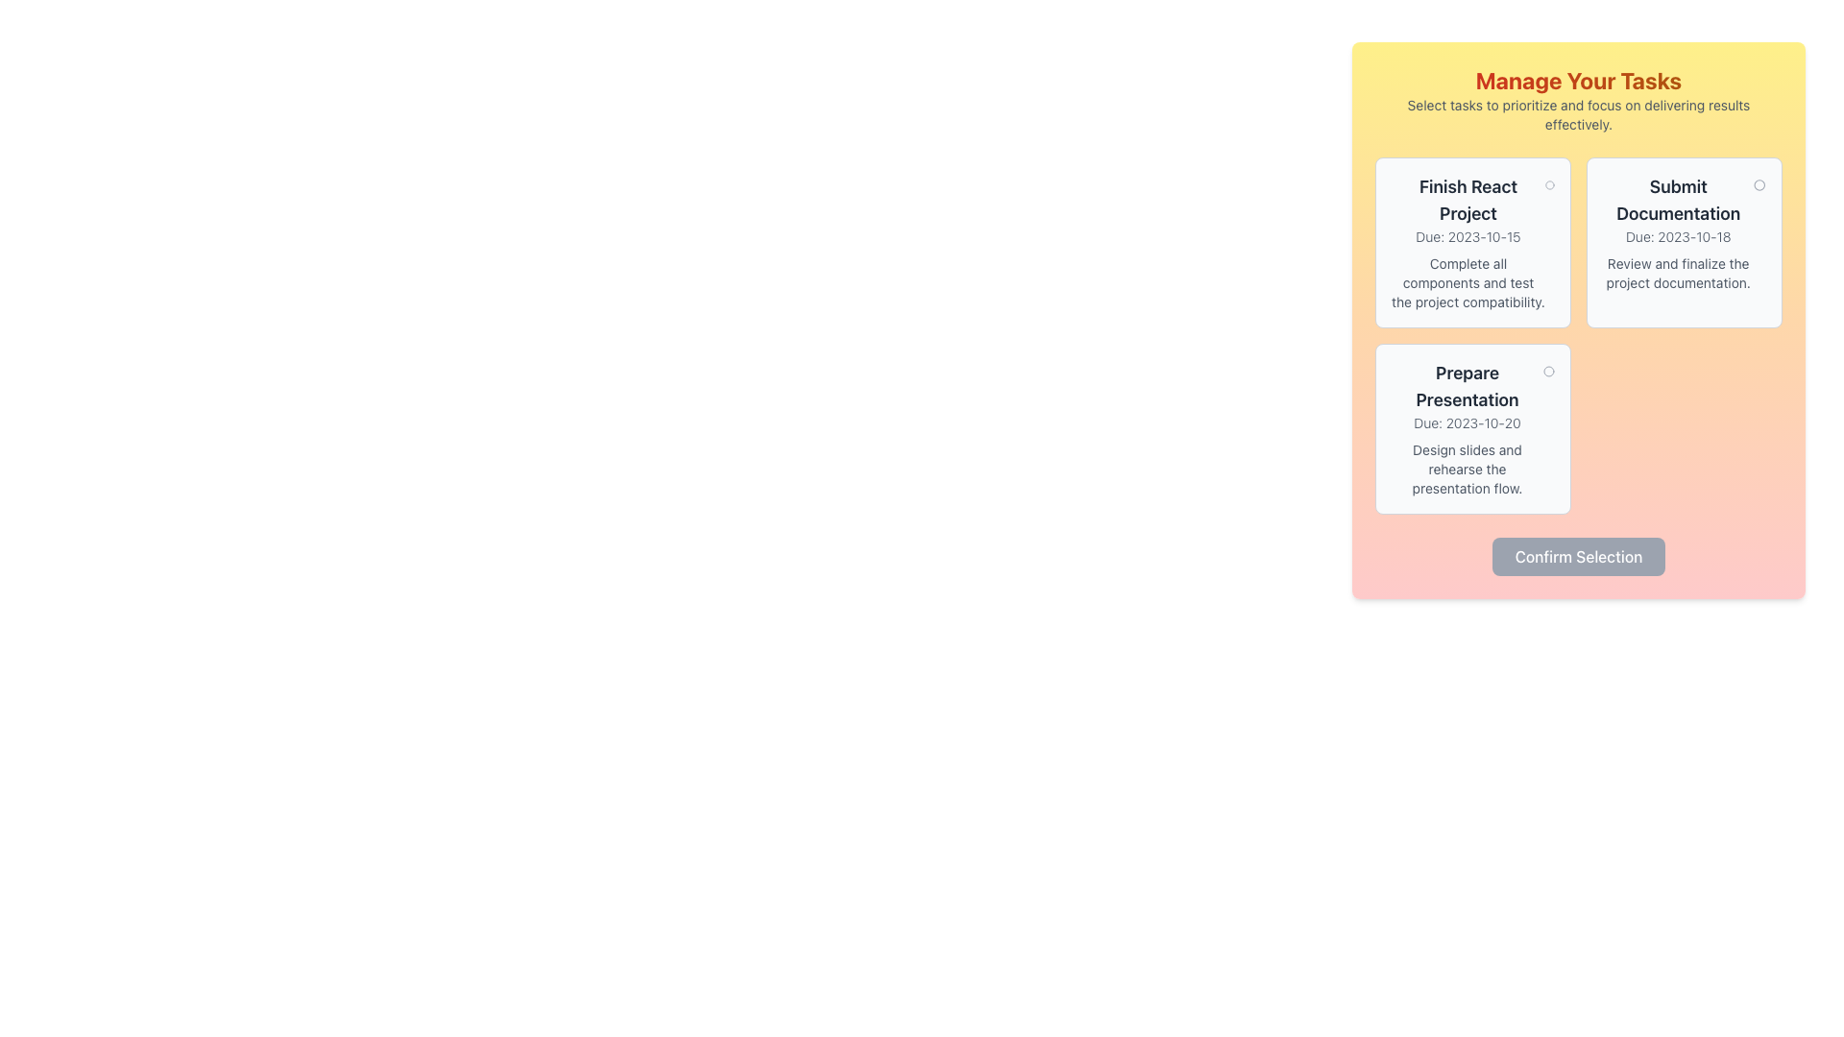 The width and height of the screenshot is (1844, 1037). I want to click on the text label displaying 'Prepare Presentation' which is positioned at the top of the lower-left card component, so click(1466, 386).